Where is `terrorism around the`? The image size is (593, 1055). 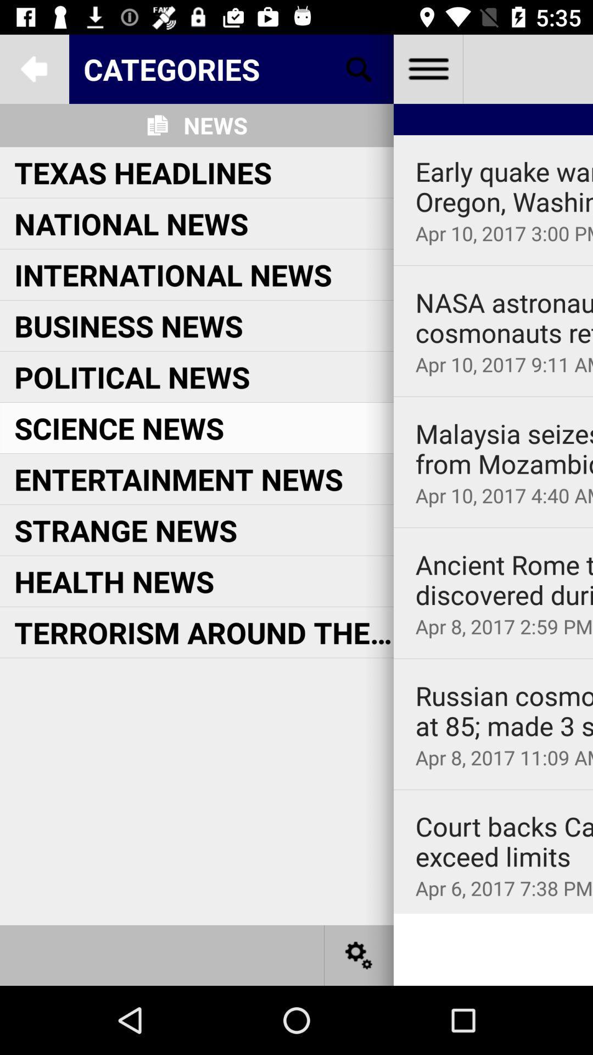
terrorism around the is located at coordinates (204, 632).